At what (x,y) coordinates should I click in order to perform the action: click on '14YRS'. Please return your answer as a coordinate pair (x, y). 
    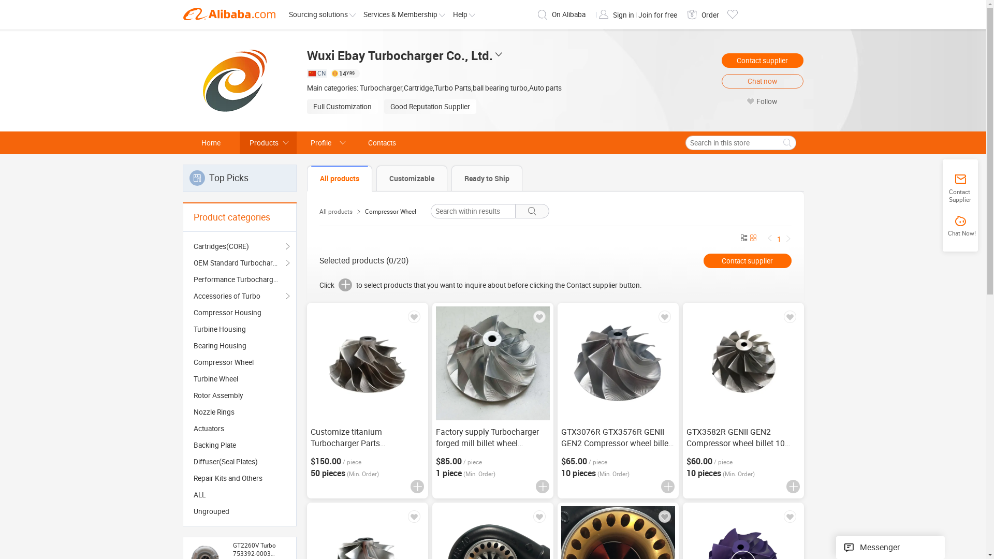
    Looking at the image, I should click on (345, 73).